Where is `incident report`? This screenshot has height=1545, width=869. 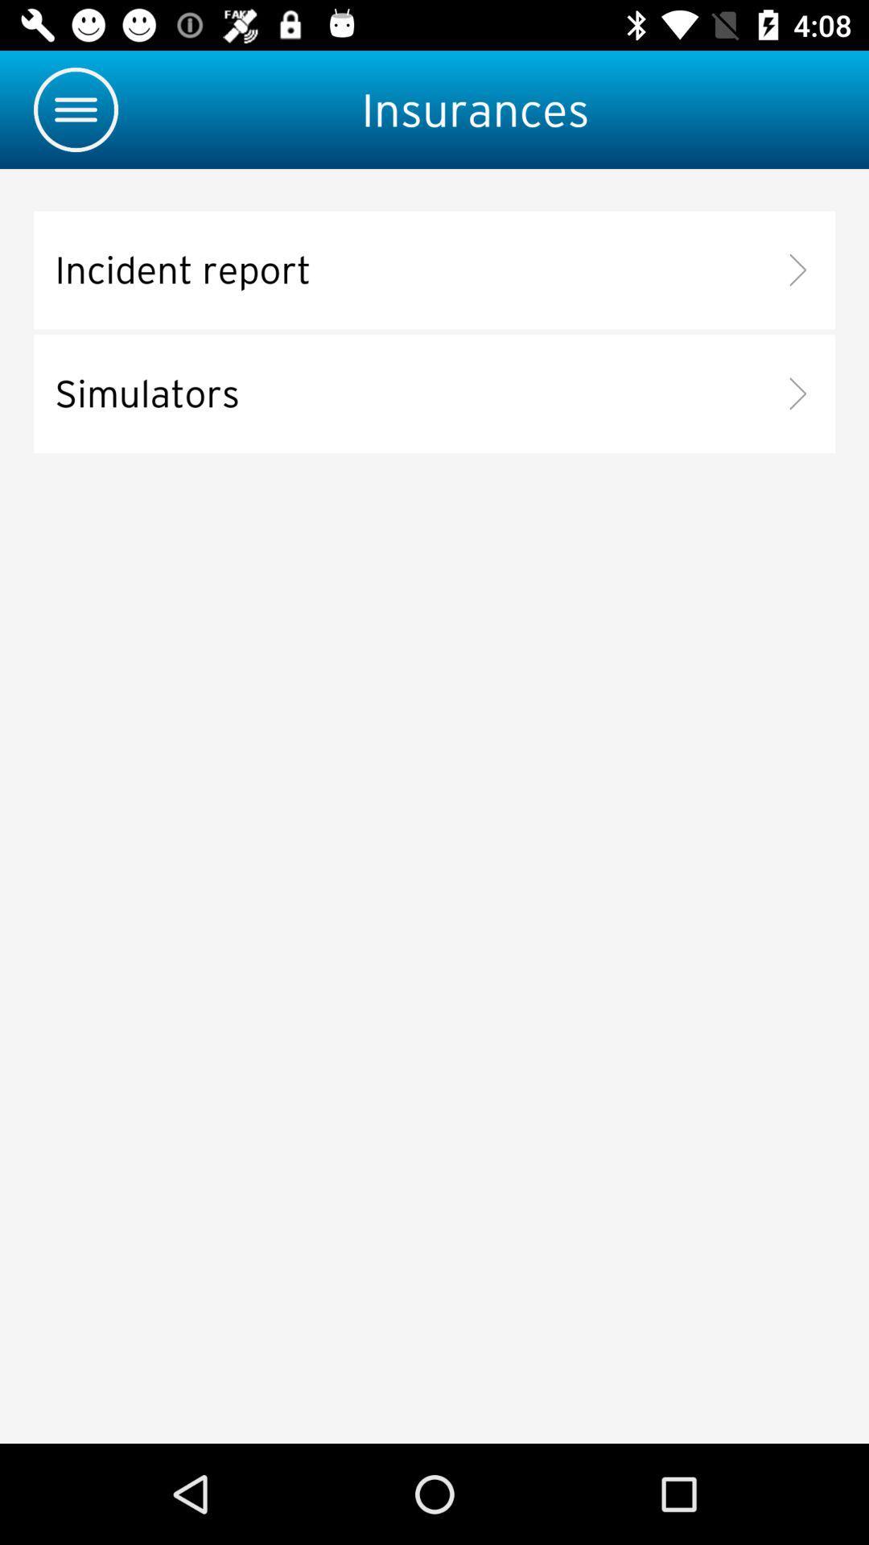 incident report is located at coordinates (434, 270).